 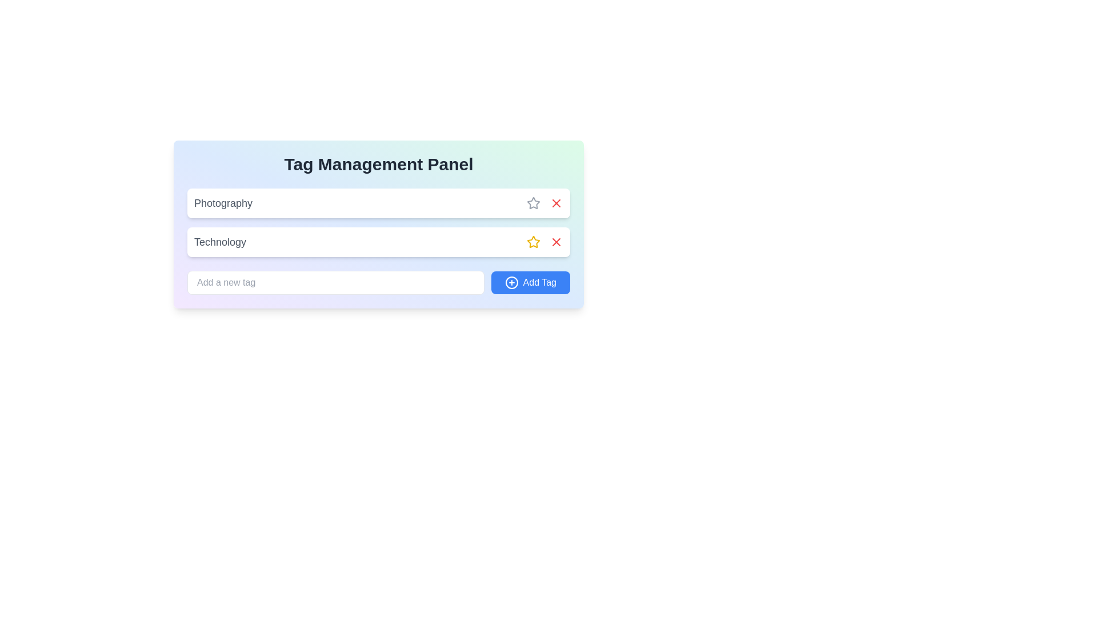 What do you see at coordinates (556, 202) in the screenshot?
I see `the small, red-colored 'X' icon located in the top right corner of the first row containing the 'Photography' tag, which represents a close or delete action` at bounding box center [556, 202].